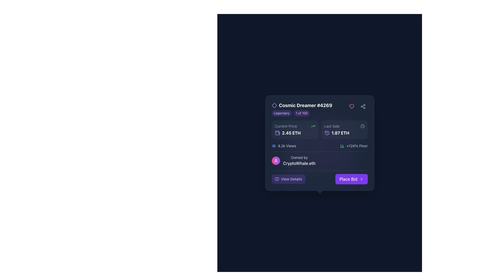 The height and width of the screenshot is (280, 498). I want to click on the Static Text Label that communicates ownership details of the item attributed to 'CryptoWhale.eth', positioned below the price and view details in the card panel for 'Cosmic Dreamer #4269', so click(299, 160).